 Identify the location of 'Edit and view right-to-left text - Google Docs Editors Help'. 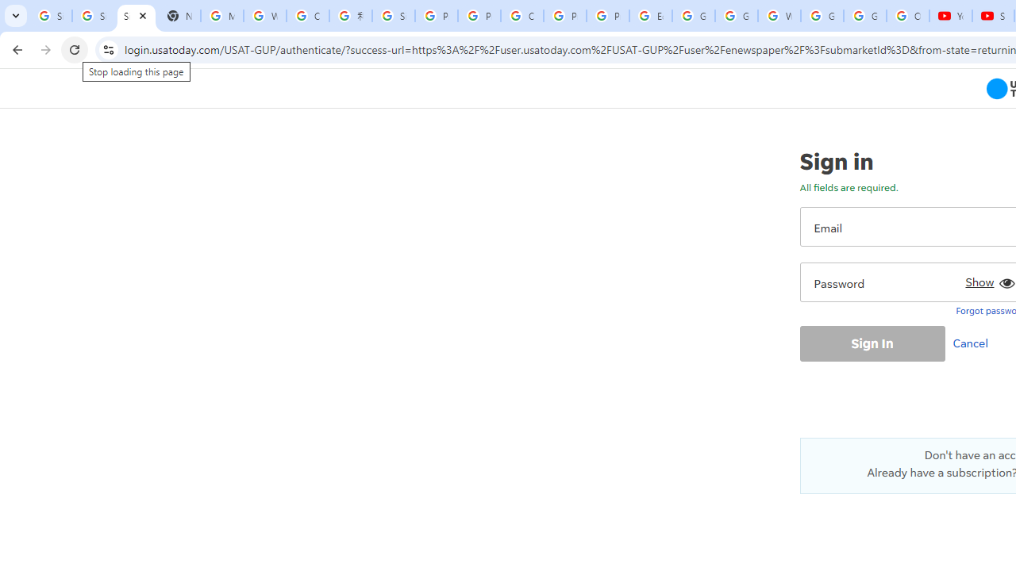
(650, 16).